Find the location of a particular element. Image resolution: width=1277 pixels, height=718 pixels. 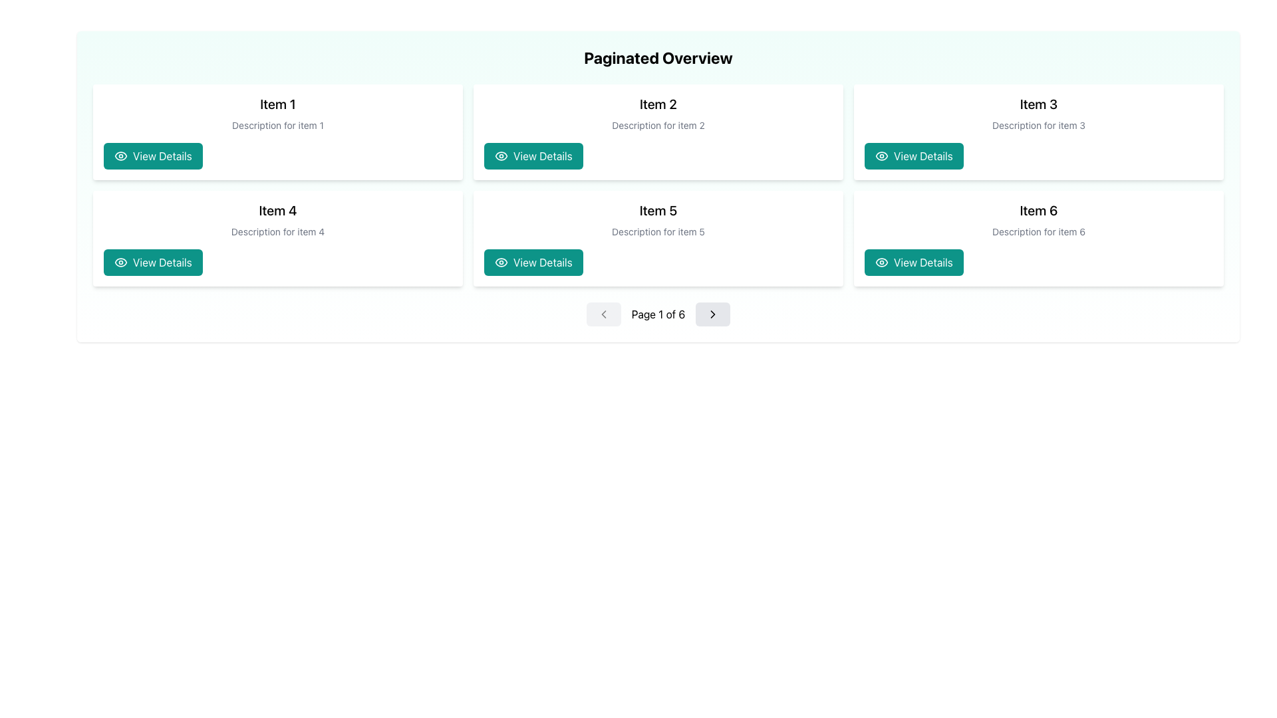

the text label within the button for 'Item 4' is located at coordinates (162, 262).